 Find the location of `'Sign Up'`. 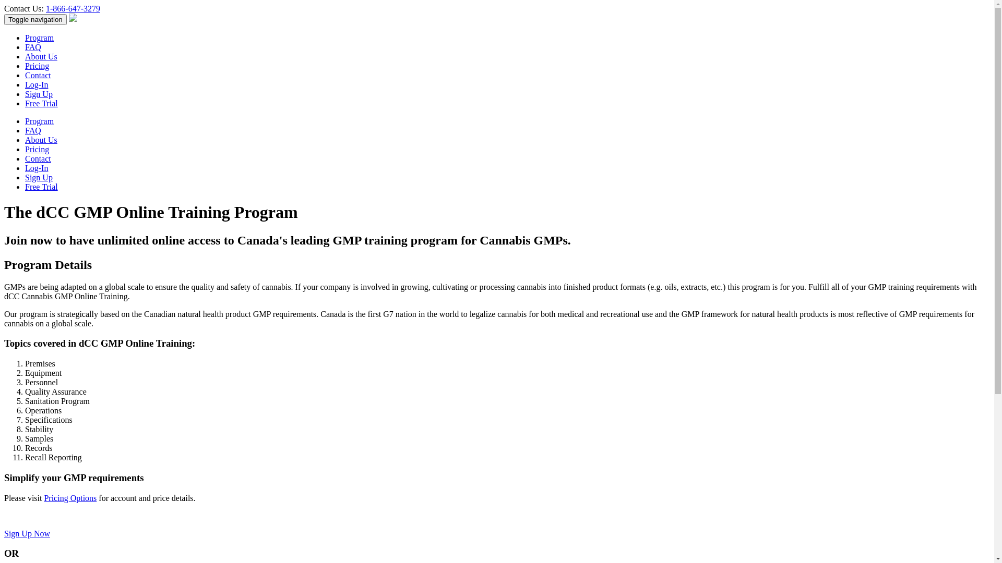

'Sign Up' is located at coordinates (25, 94).